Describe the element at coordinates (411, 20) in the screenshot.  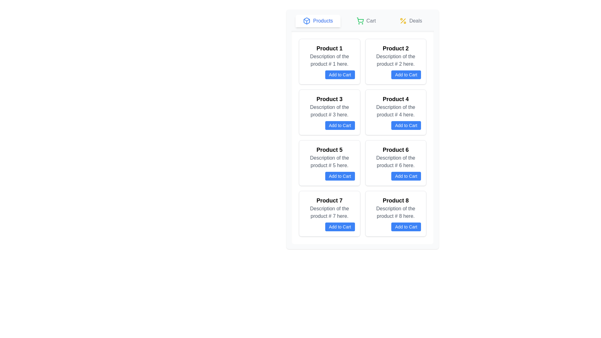
I see `the 'Deals' navigation button` at that location.